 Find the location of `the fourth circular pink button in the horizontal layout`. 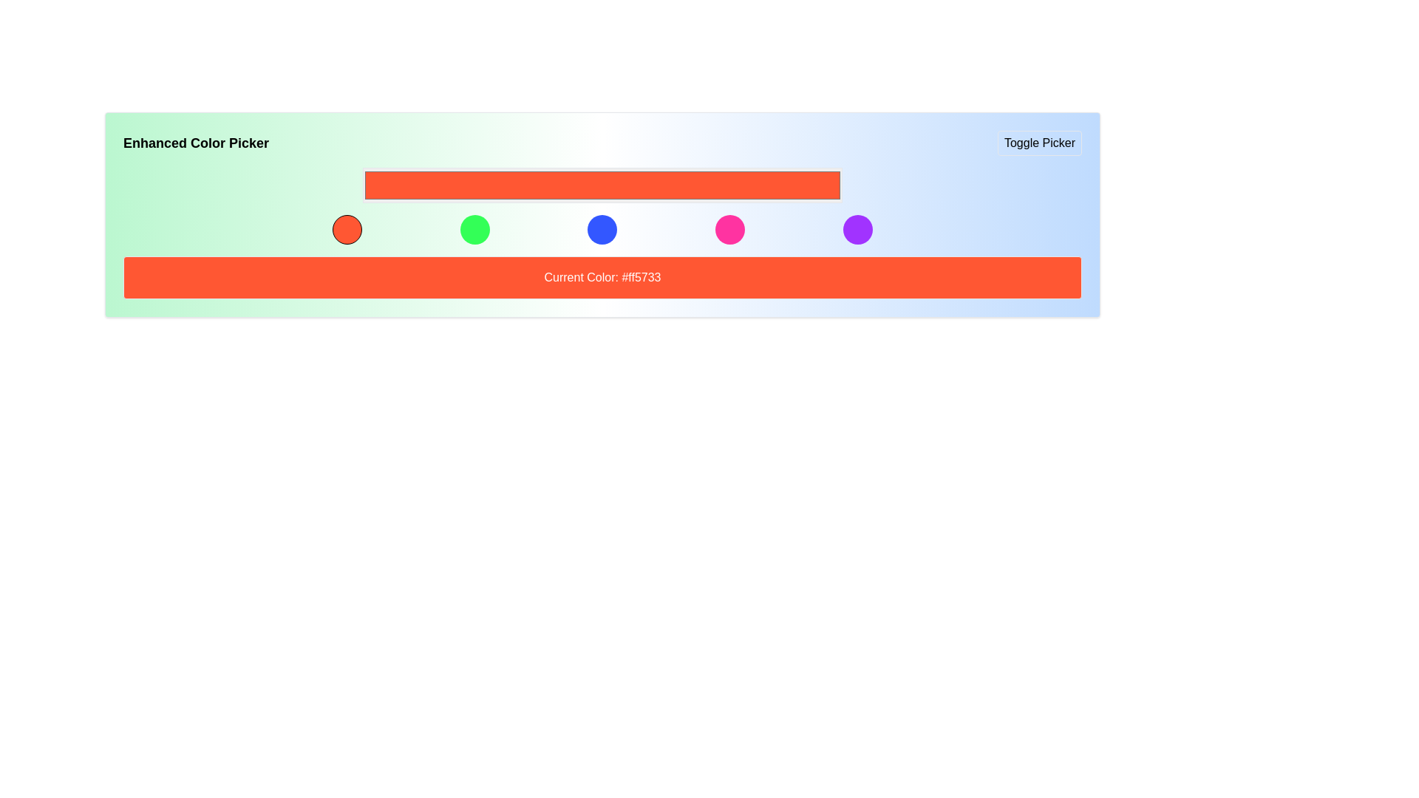

the fourth circular pink button in the horizontal layout is located at coordinates (730, 230).